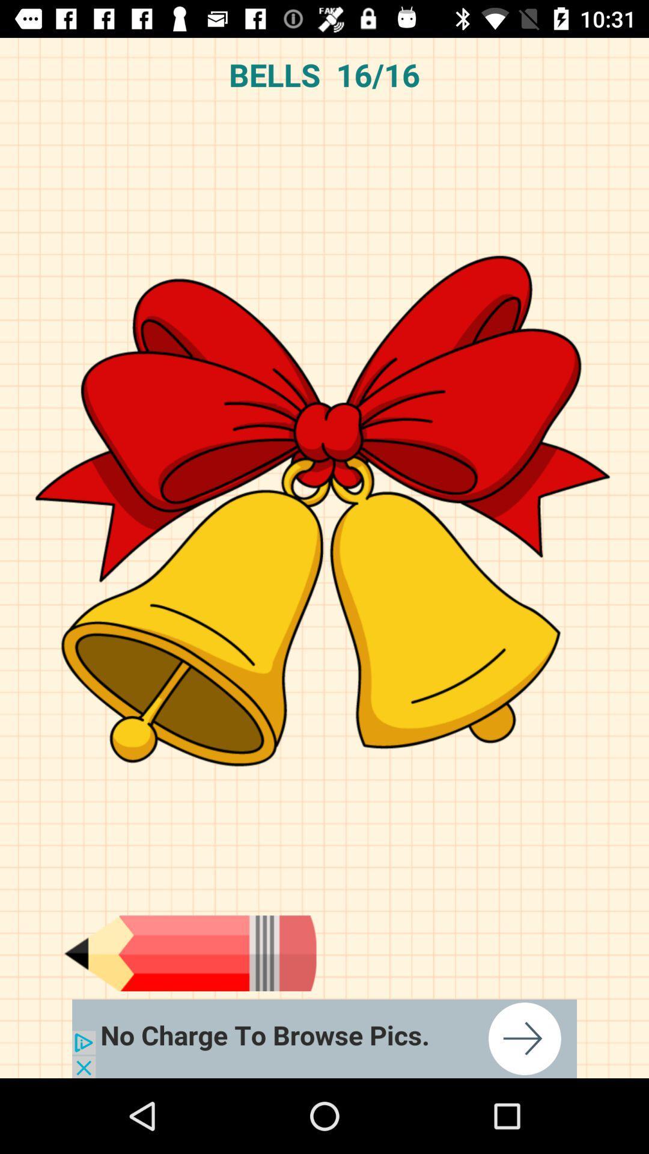  Describe the element at coordinates (324, 1038) in the screenshot. I see `open advertisement` at that location.